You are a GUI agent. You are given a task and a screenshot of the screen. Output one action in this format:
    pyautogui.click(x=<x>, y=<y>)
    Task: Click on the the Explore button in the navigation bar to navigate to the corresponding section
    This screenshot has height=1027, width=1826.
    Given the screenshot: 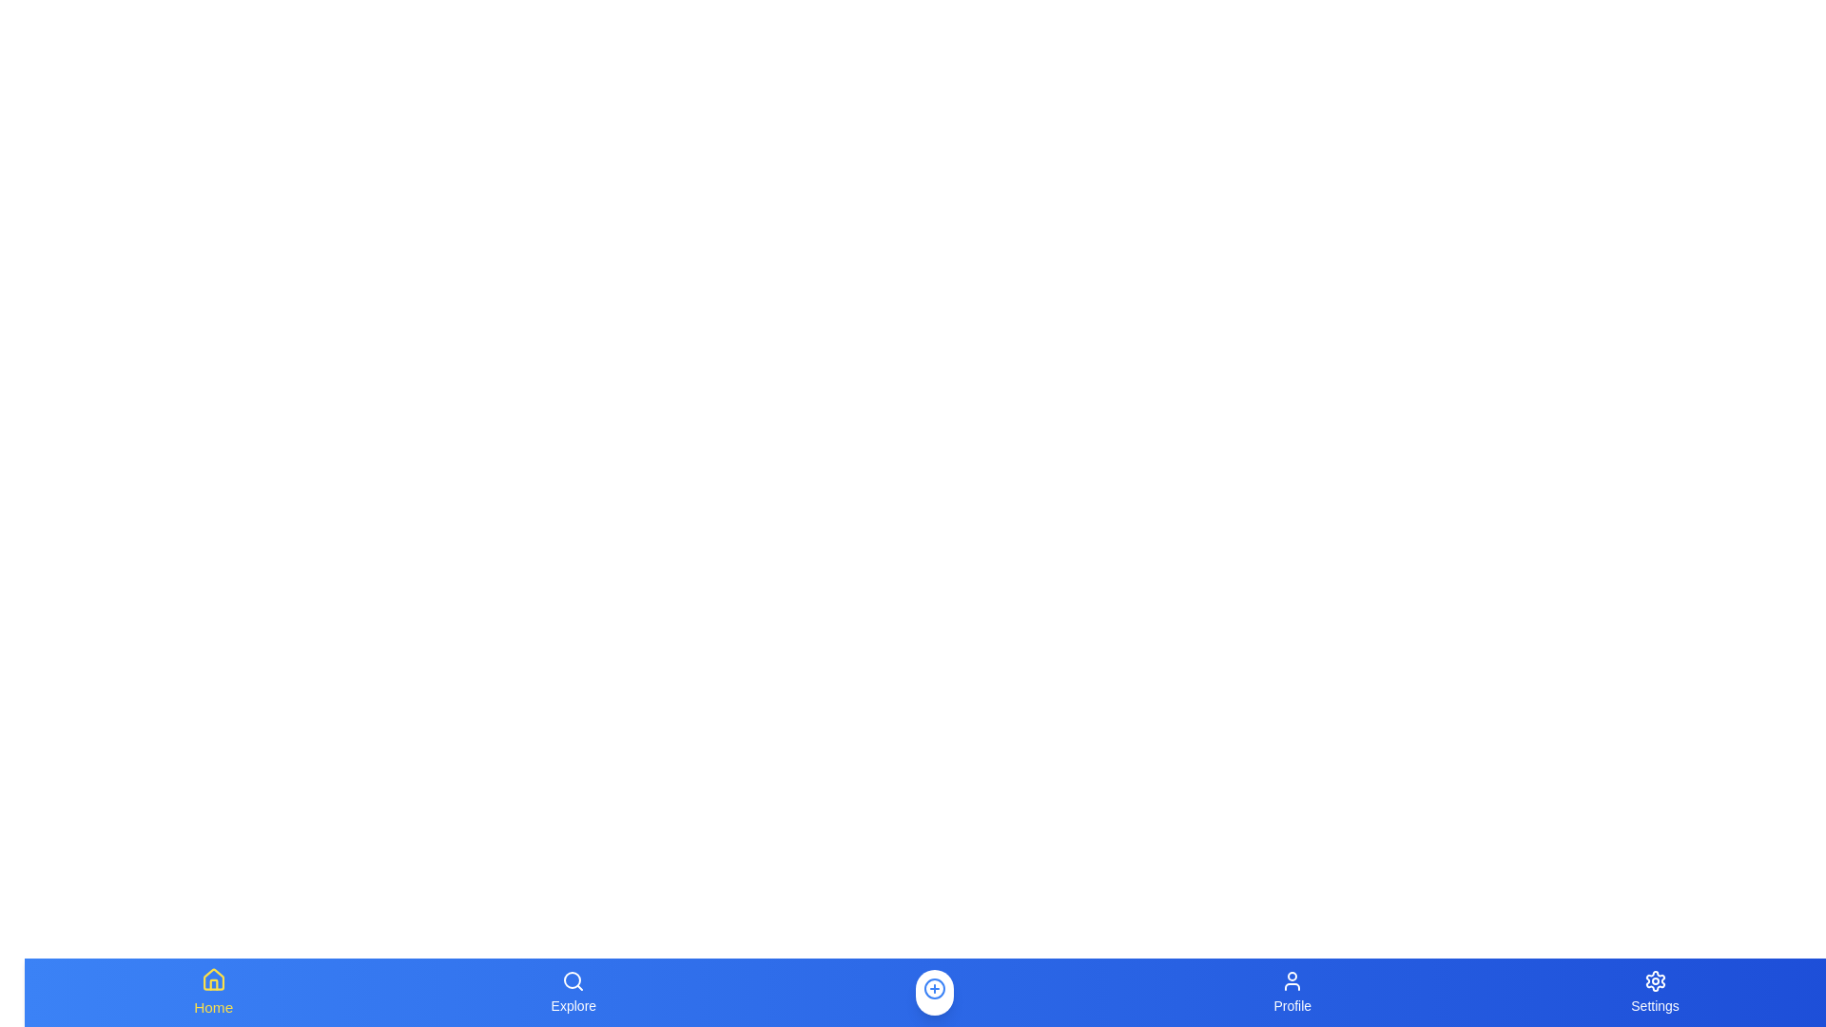 What is the action you would take?
    pyautogui.click(x=573, y=992)
    